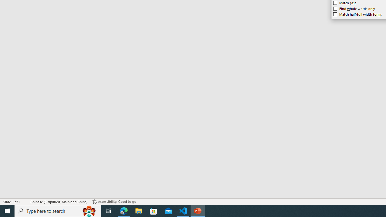  What do you see at coordinates (108, 210) in the screenshot?
I see `'Task View'` at bounding box center [108, 210].